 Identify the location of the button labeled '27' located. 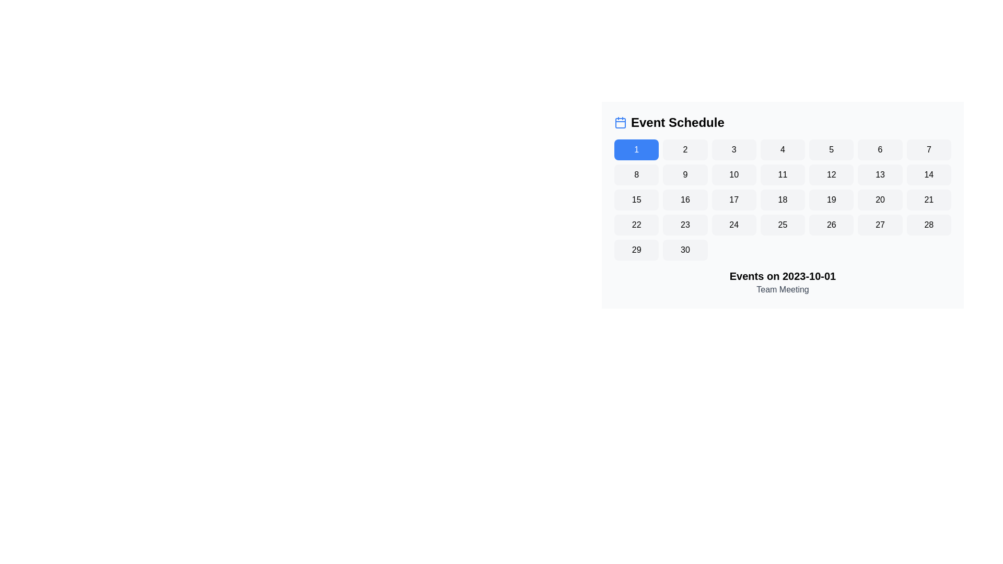
(879, 225).